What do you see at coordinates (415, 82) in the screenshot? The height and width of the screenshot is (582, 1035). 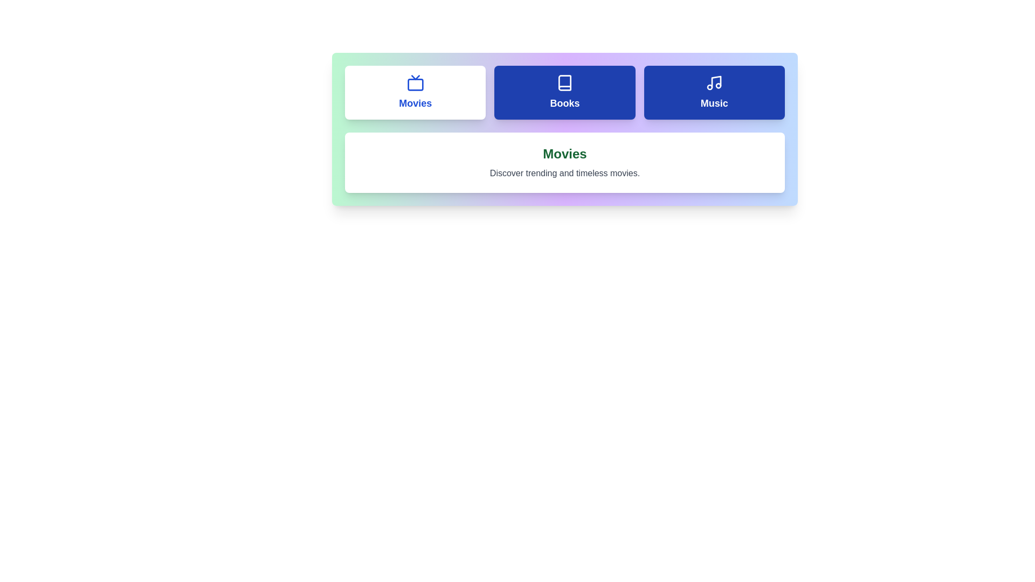 I see `the blue television icon` at bounding box center [415, 82].